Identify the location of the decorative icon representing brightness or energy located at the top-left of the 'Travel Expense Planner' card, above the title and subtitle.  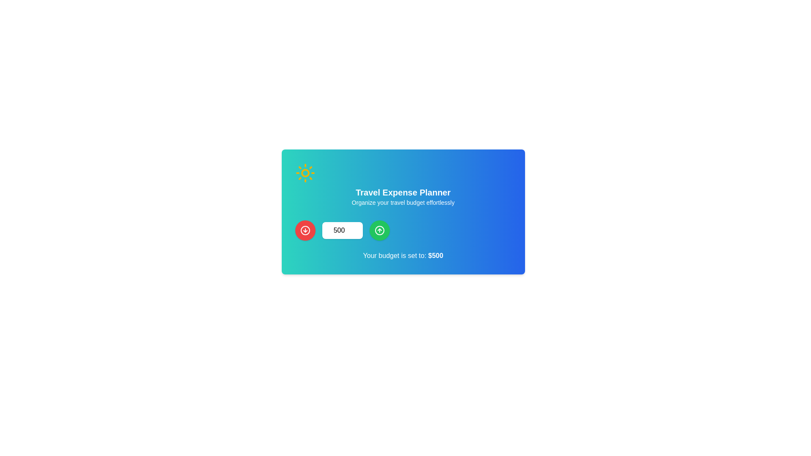
(305, 172).